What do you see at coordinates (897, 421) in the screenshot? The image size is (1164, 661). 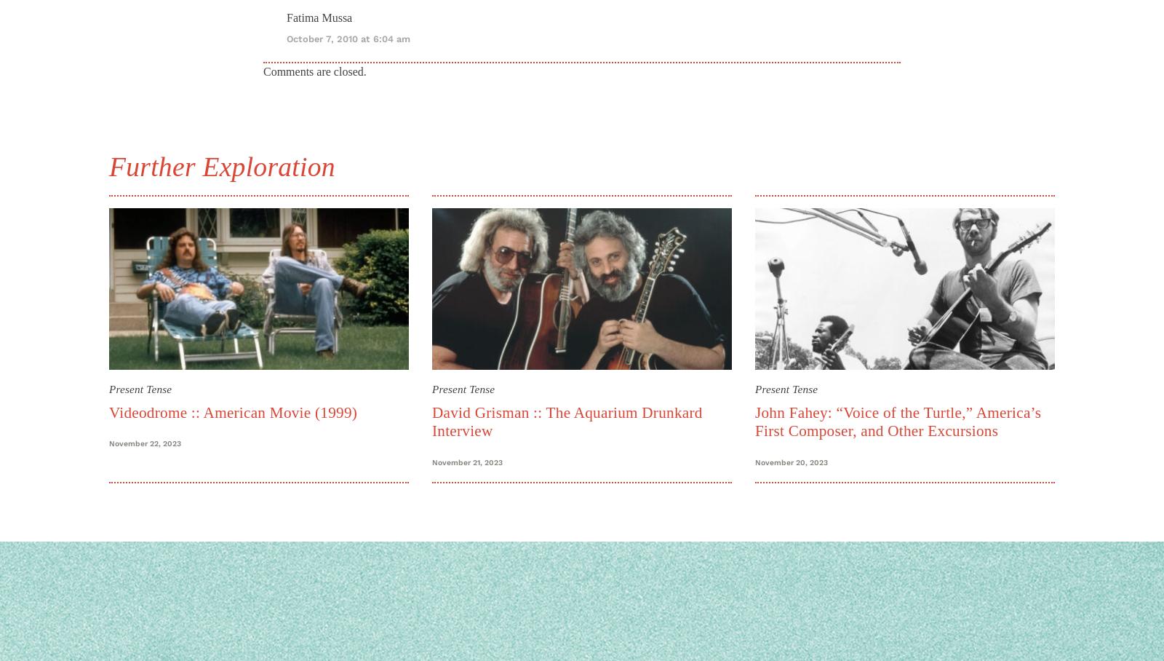 I see `'John Fahey: “Voice of the Turtle,” America’s First Composer, and Other Excursions'` at bounding box center [897, 421].